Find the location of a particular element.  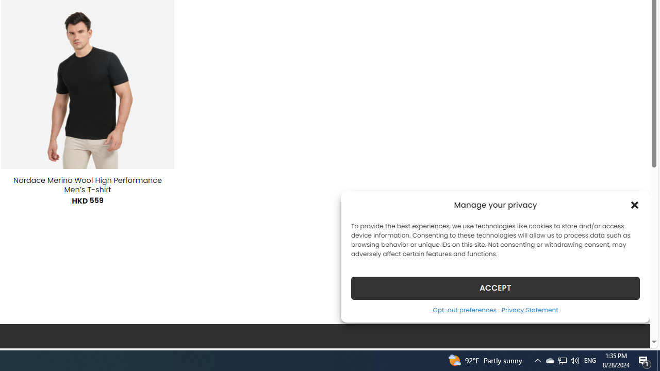

'Opt-out preferences' is located at coordinates (464, 309).